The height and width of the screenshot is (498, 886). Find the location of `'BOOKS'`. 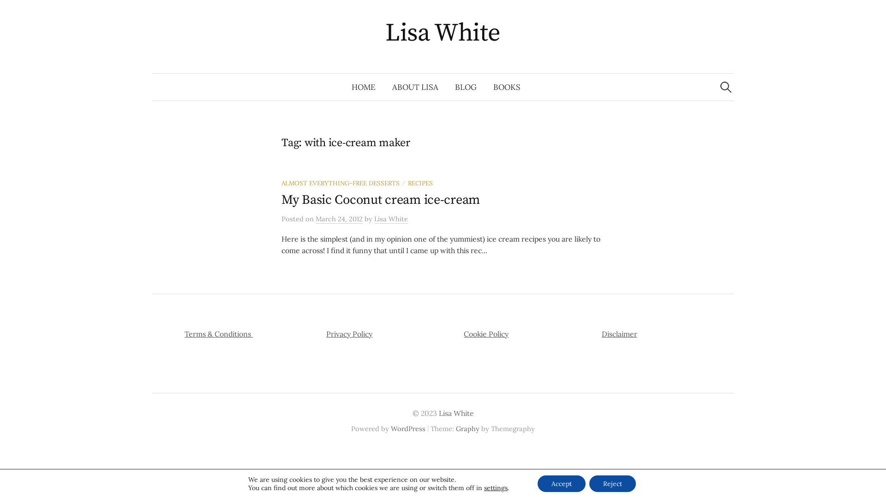

'BOOKS' is located at coordinates (485, 87).